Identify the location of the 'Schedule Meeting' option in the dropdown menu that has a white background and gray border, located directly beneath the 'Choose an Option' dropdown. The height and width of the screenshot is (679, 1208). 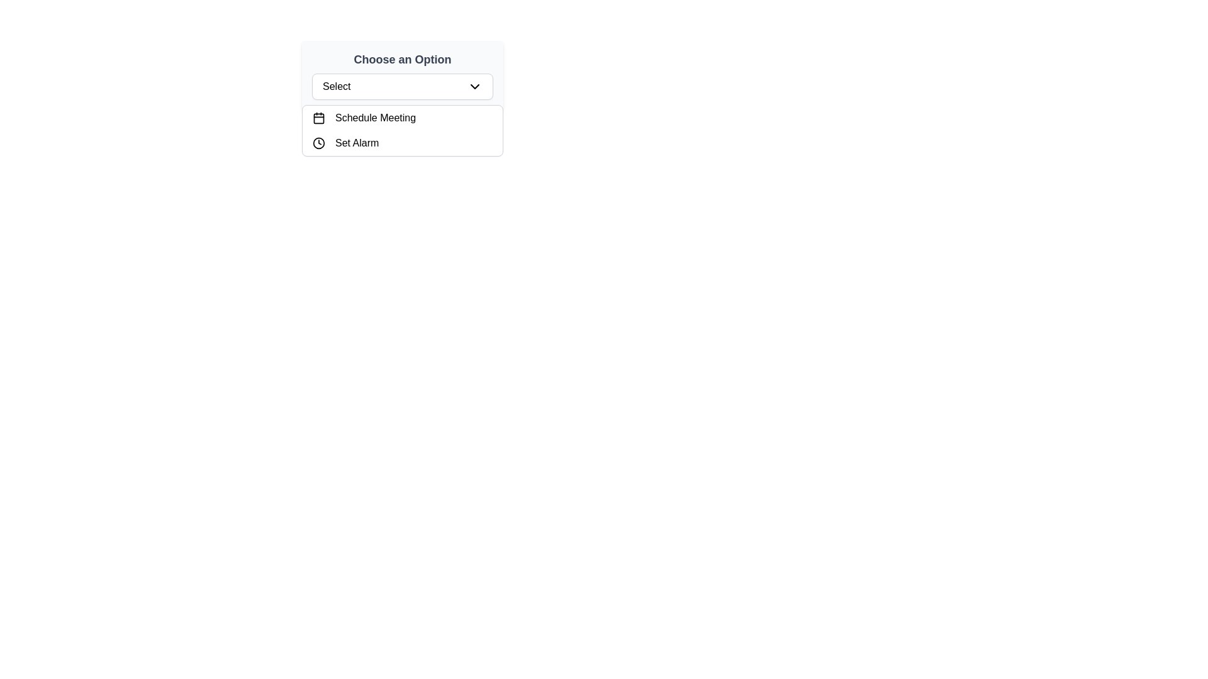
(401, 131).